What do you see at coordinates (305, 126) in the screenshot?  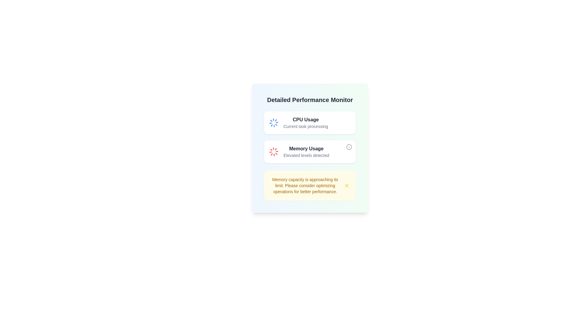 I see `the descriptive text label located directly below the 'CPU Usage' title, which provides additional context about CPU usage` at bounding box center [305, 126].